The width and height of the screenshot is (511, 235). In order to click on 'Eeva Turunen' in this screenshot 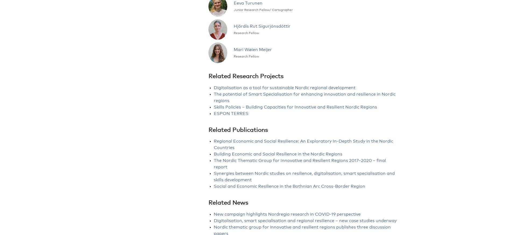, I will do `click(233, 3)`.